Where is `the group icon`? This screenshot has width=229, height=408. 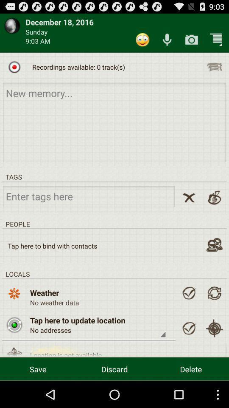 the group icon is located at coordinates (214, 261).